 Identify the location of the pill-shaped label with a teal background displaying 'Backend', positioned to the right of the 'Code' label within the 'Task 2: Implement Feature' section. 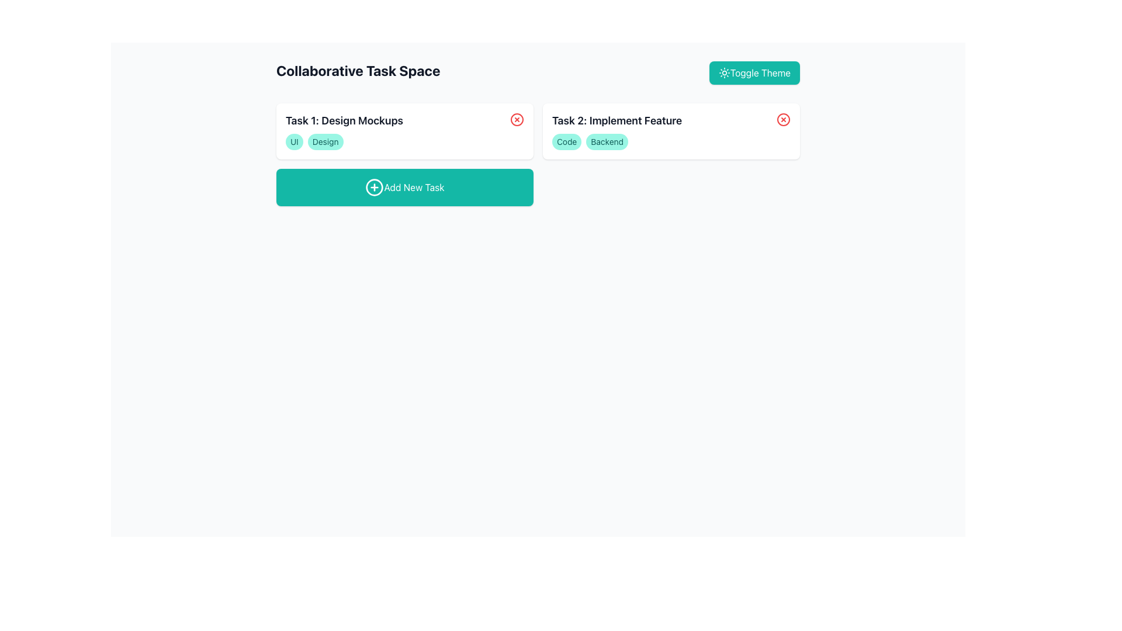
(607, 141).